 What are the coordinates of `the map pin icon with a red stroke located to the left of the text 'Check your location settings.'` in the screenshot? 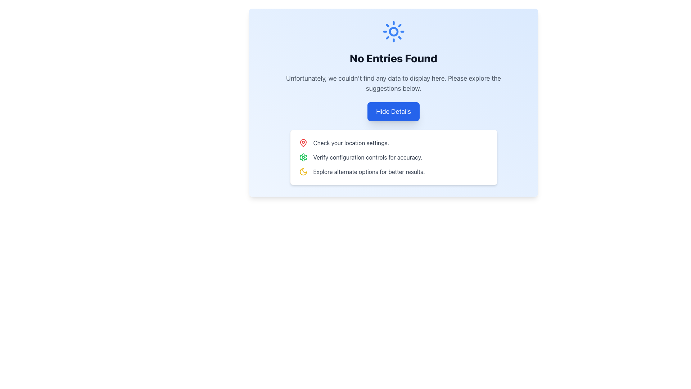 It's located at (303, 143).